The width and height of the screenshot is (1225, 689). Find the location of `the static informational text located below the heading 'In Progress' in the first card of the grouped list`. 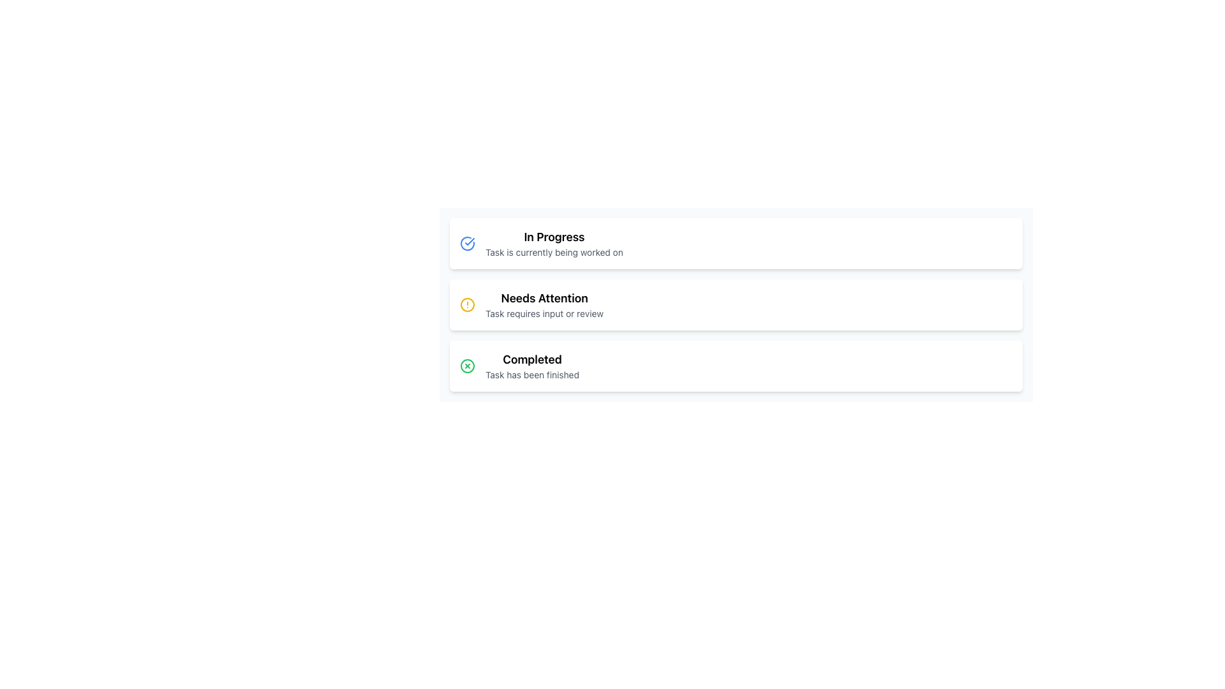

the static informational text located below the heading 'In Progress' in the first card of the grouped list is located at coordinates (554, 253).